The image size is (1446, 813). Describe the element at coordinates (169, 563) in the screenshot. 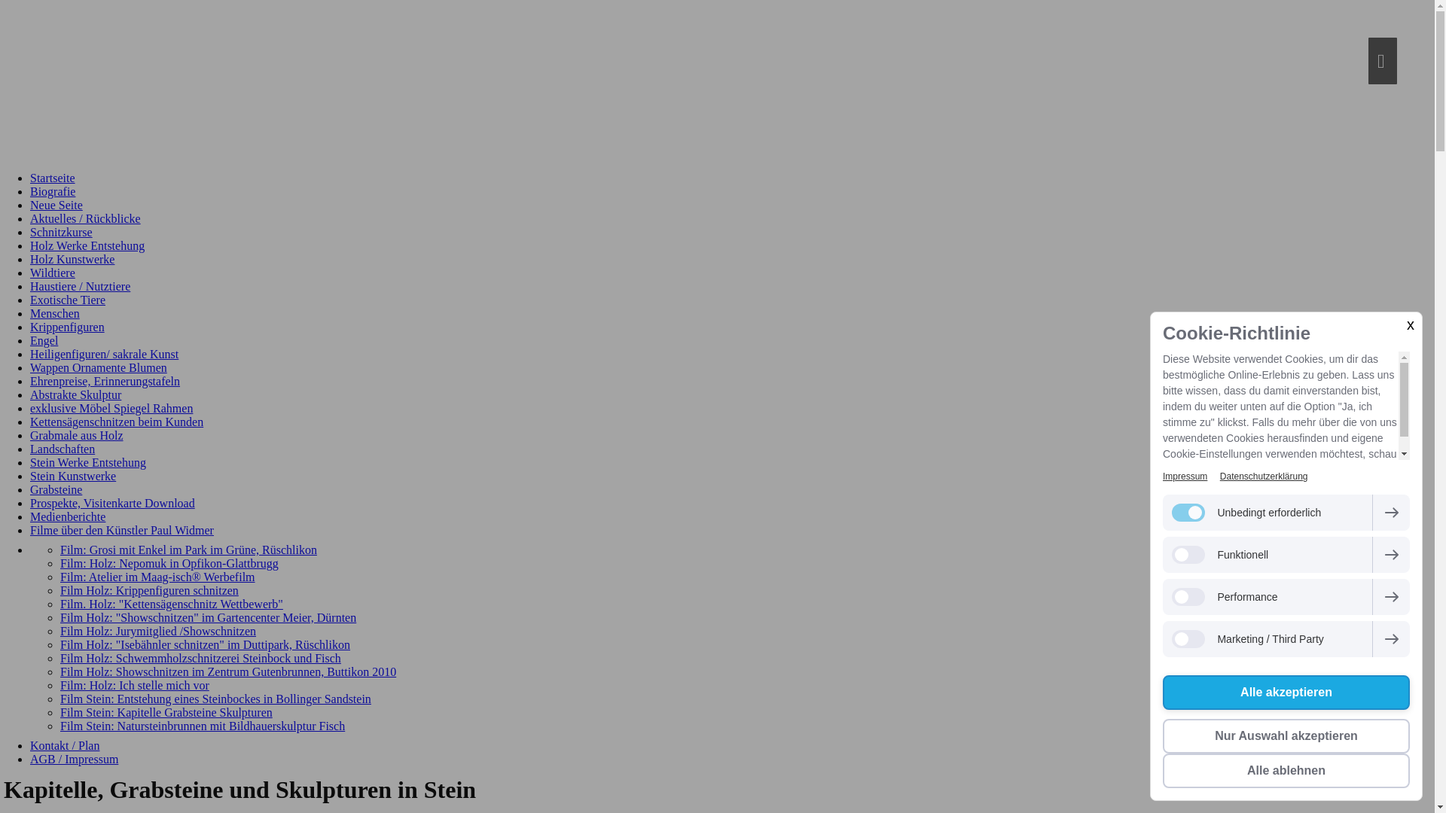

I see `'Film: Holz: Nepomuk in Opfikon-Glattbrugg'` at that location.